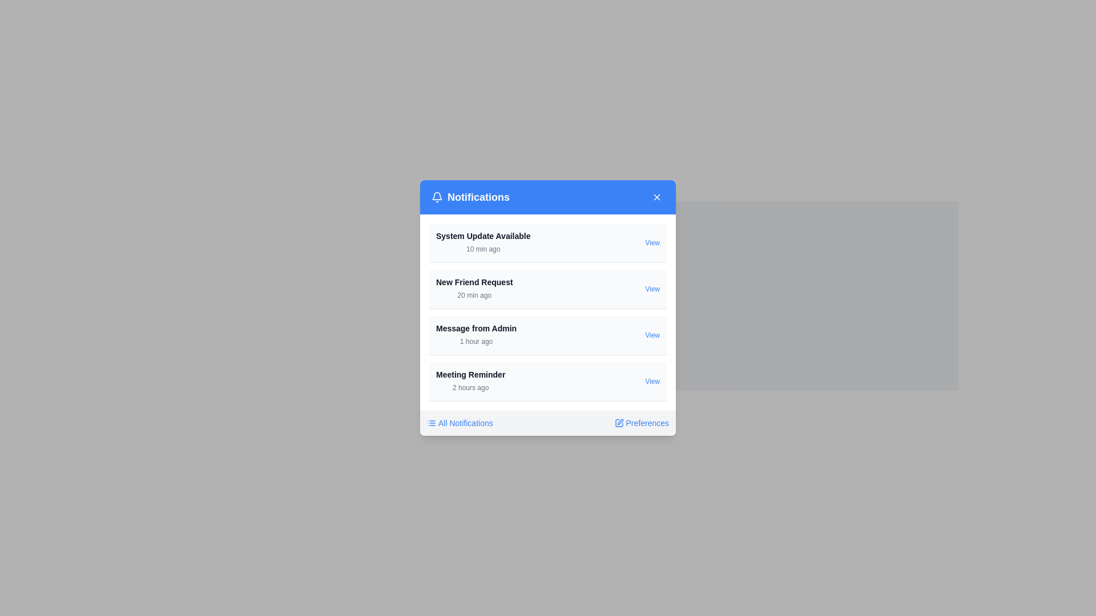  I want to click on the 16x16 pixel icon resembling a square with a pen or pencil overlay, located in the 'Preferences' section at the bottom-right corner of the notification panel, so click(618, 423).